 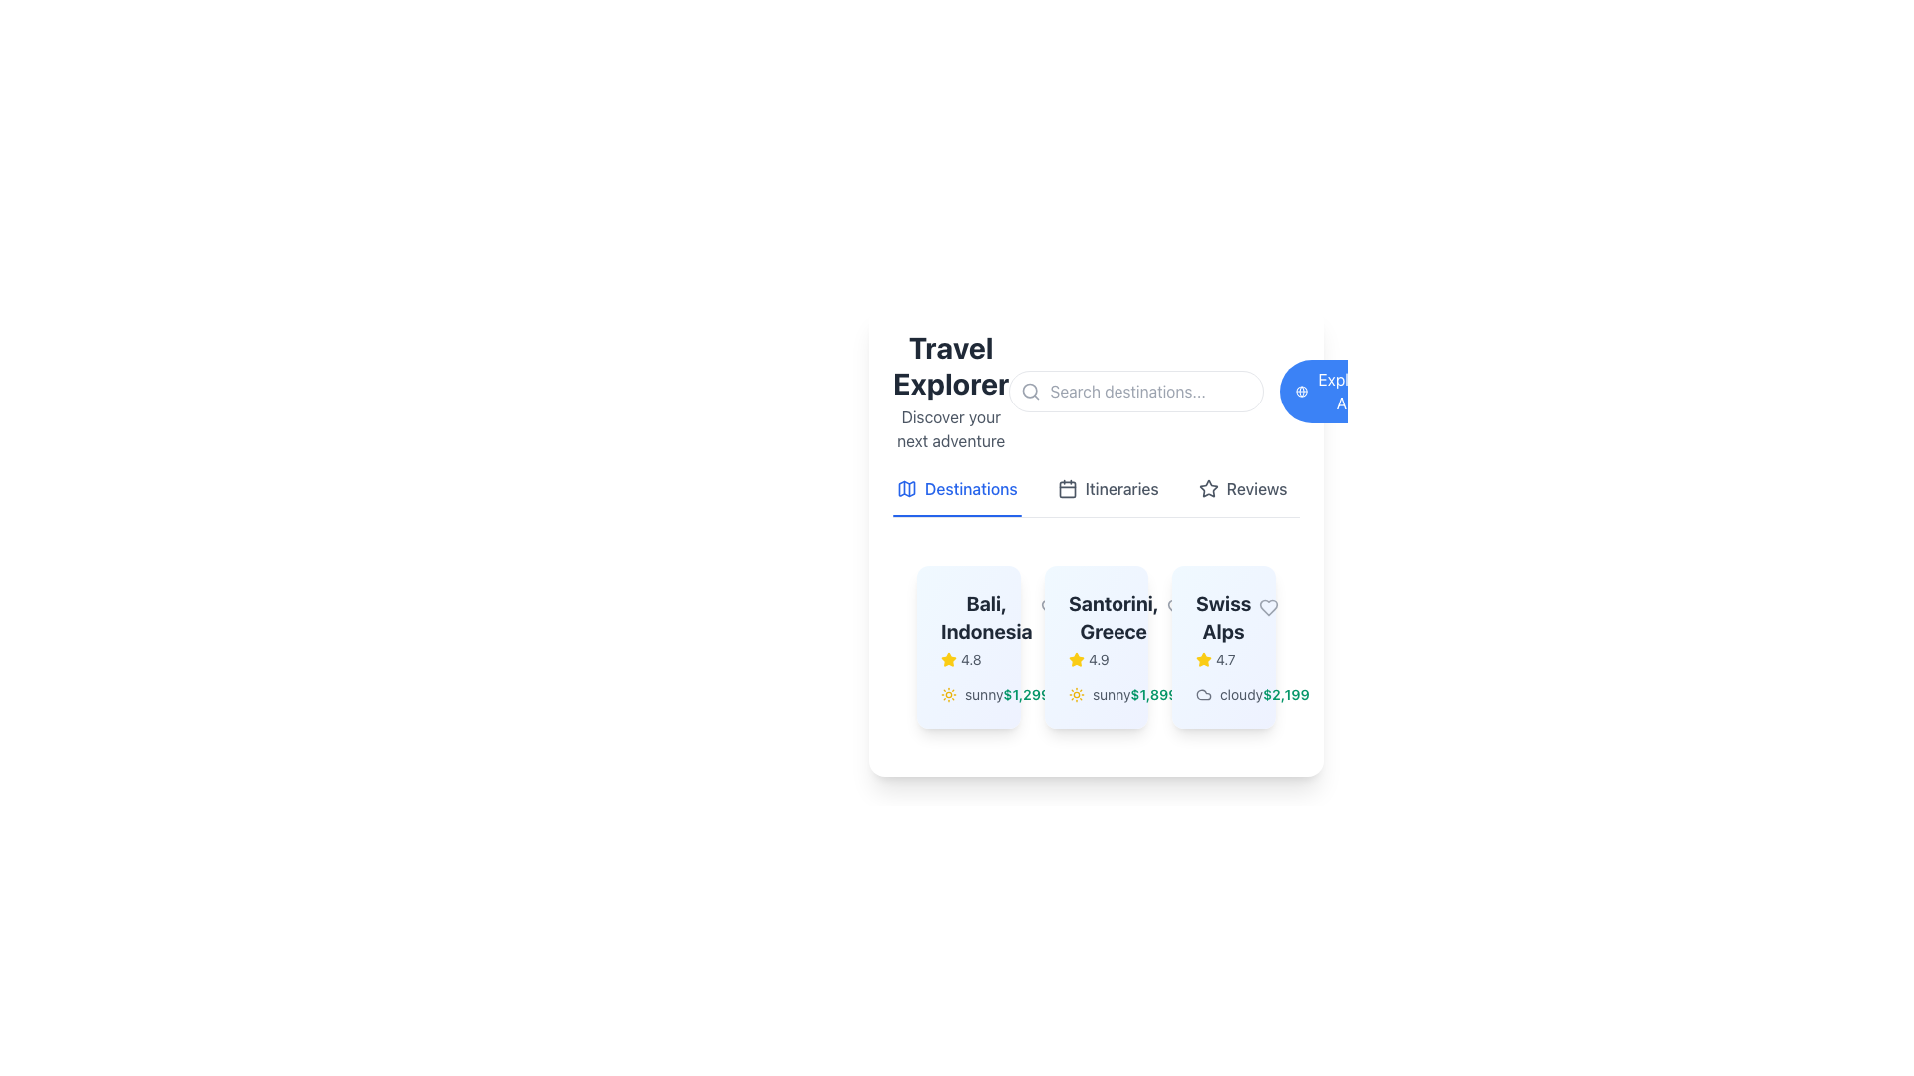 I want to click on the text label displaying the cost of the travel package for Santorini, Greece, located at the bottom of the corresponding card, so click(x=1153, y=694).